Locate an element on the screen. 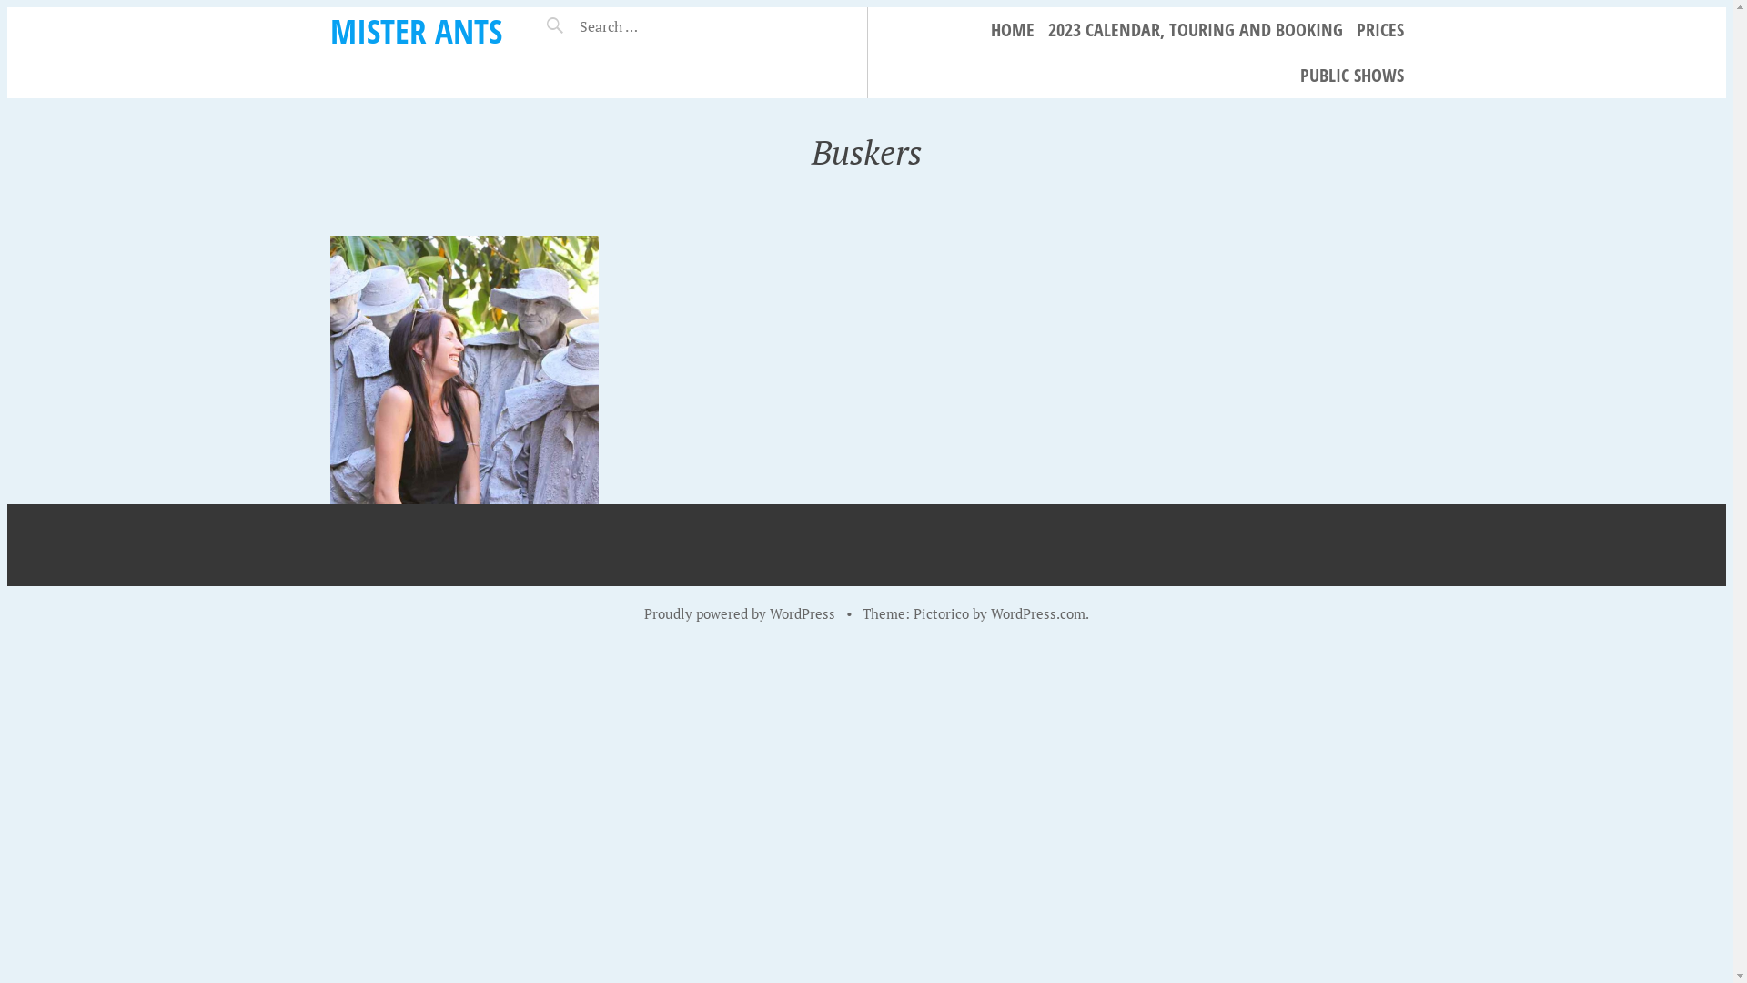 This screenshot has width=1747, height=983. 'Search for:' is located at coordinates (570, 26).